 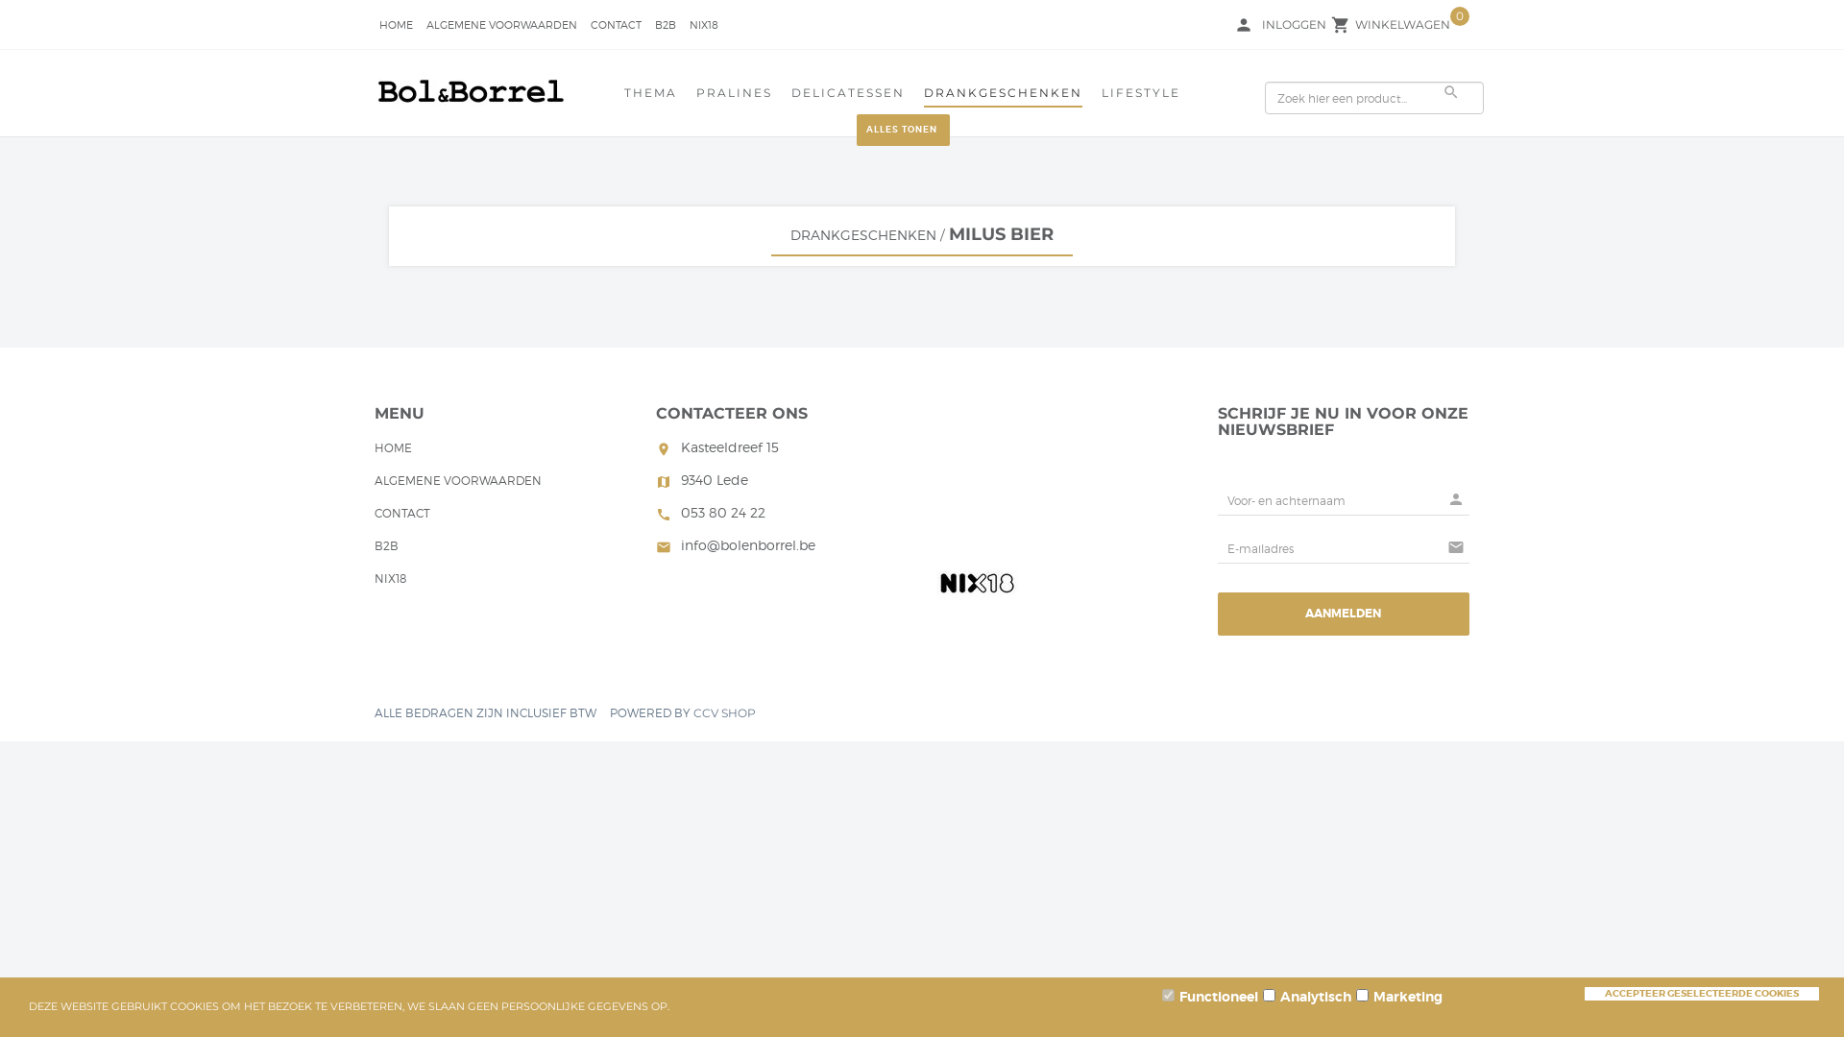 I want to click on 'INLOGGEN', so click(x=1294, y=26).